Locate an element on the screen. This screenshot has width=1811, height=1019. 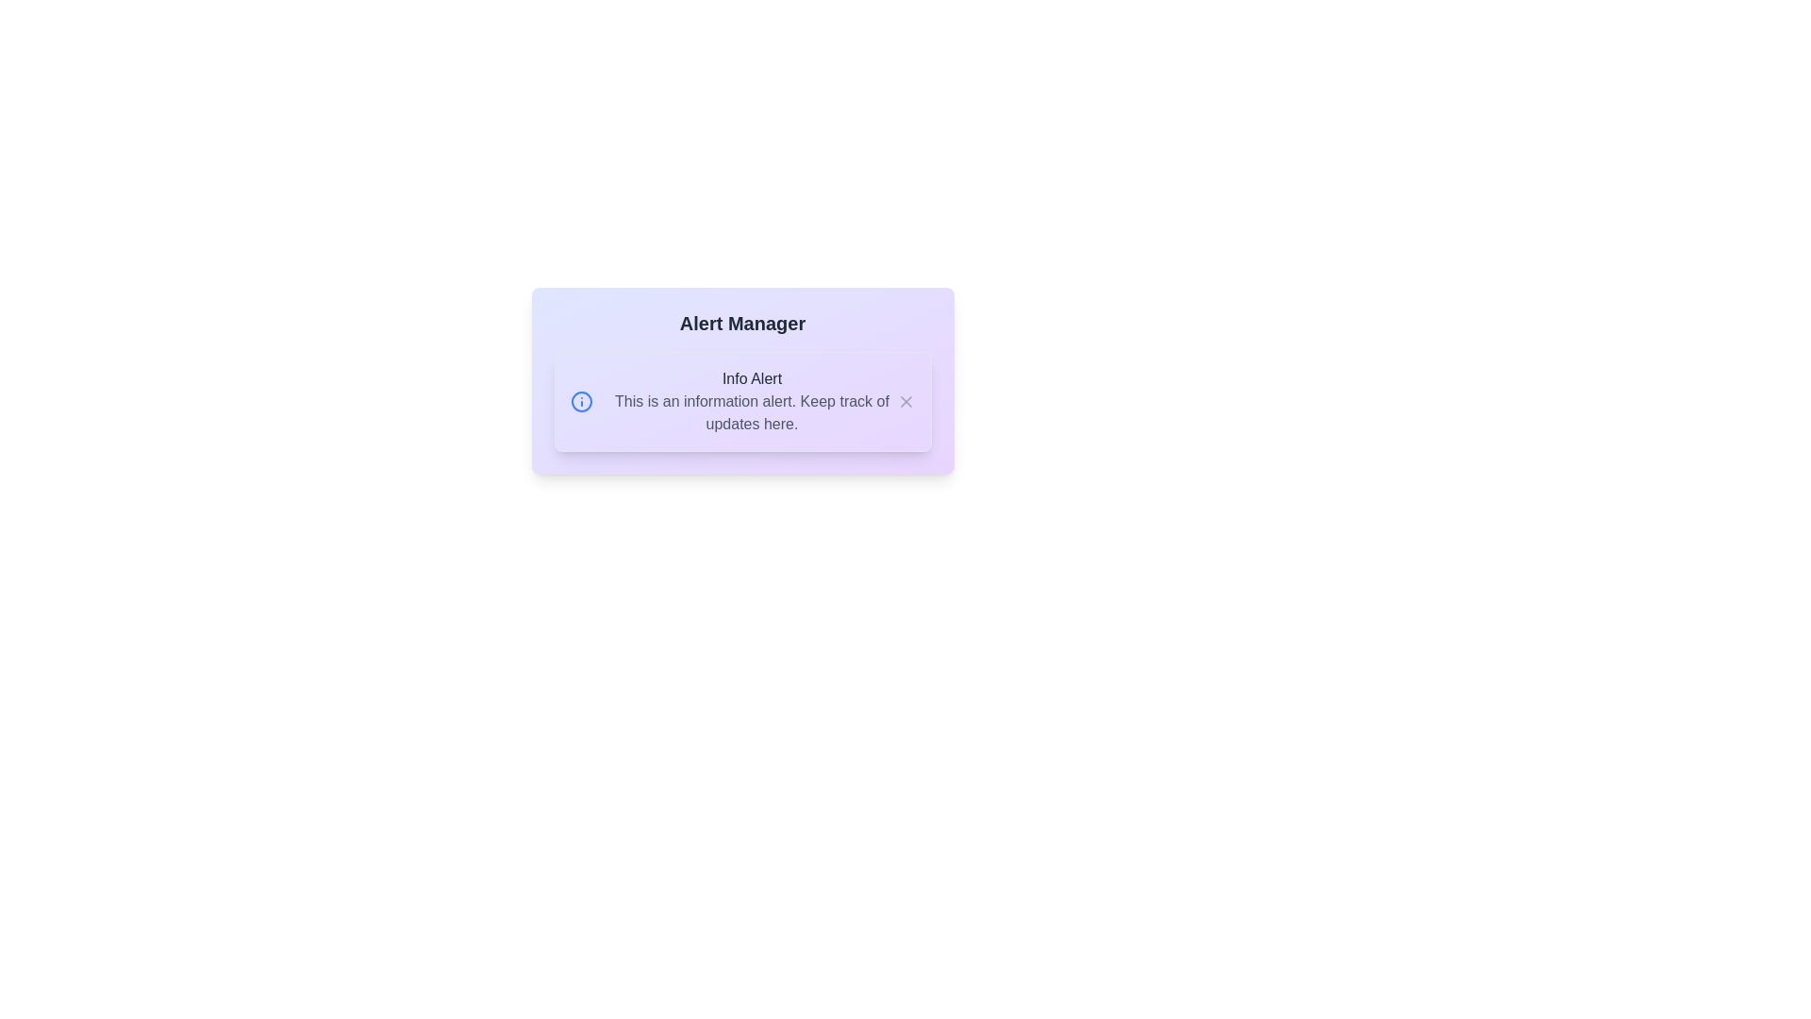
the alert icon to interact with it is located at coordinates (580, 400).